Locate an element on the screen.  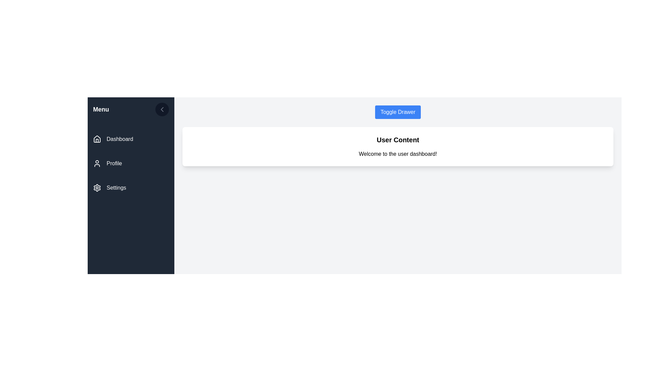
the 'Profile' navigation menu item, which is the second item in the vertical list of the left-hand menu, located between 'Dashboard' and 'Settings' is located at coordinates (131, 163).